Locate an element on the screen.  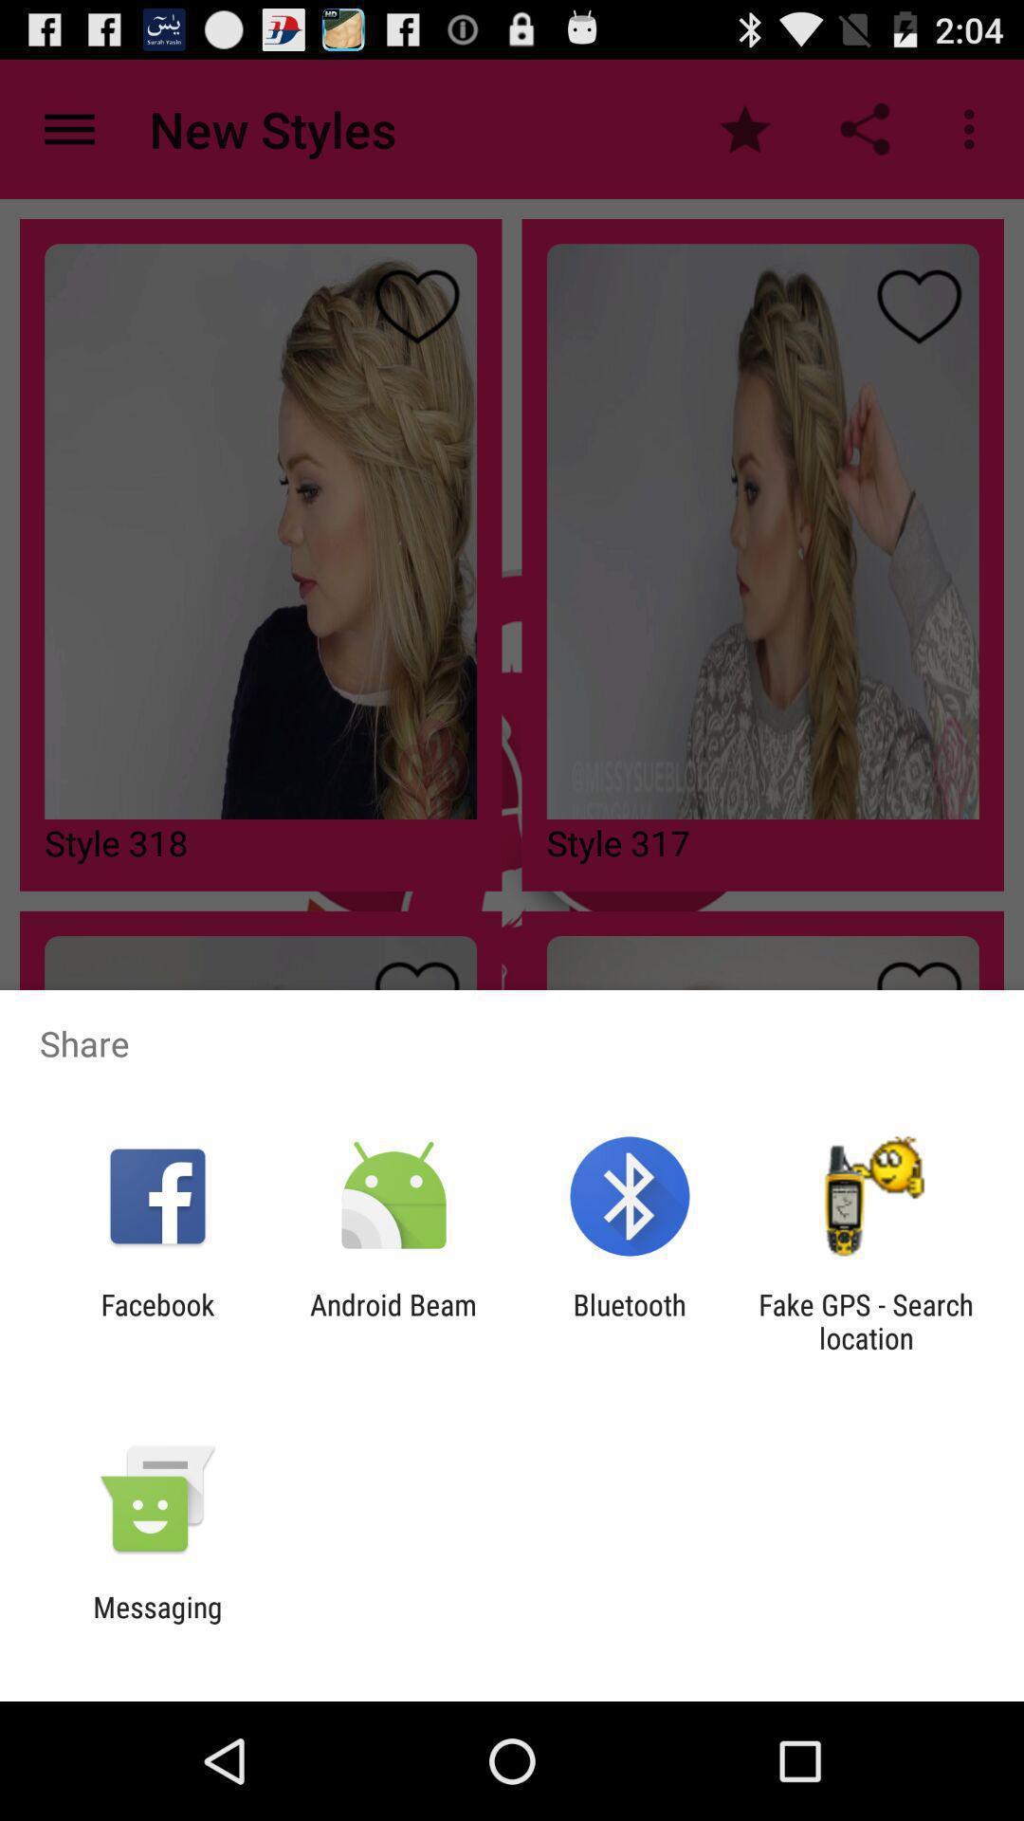
the app next to the bluetooth is located at coordinates (866, 1320).